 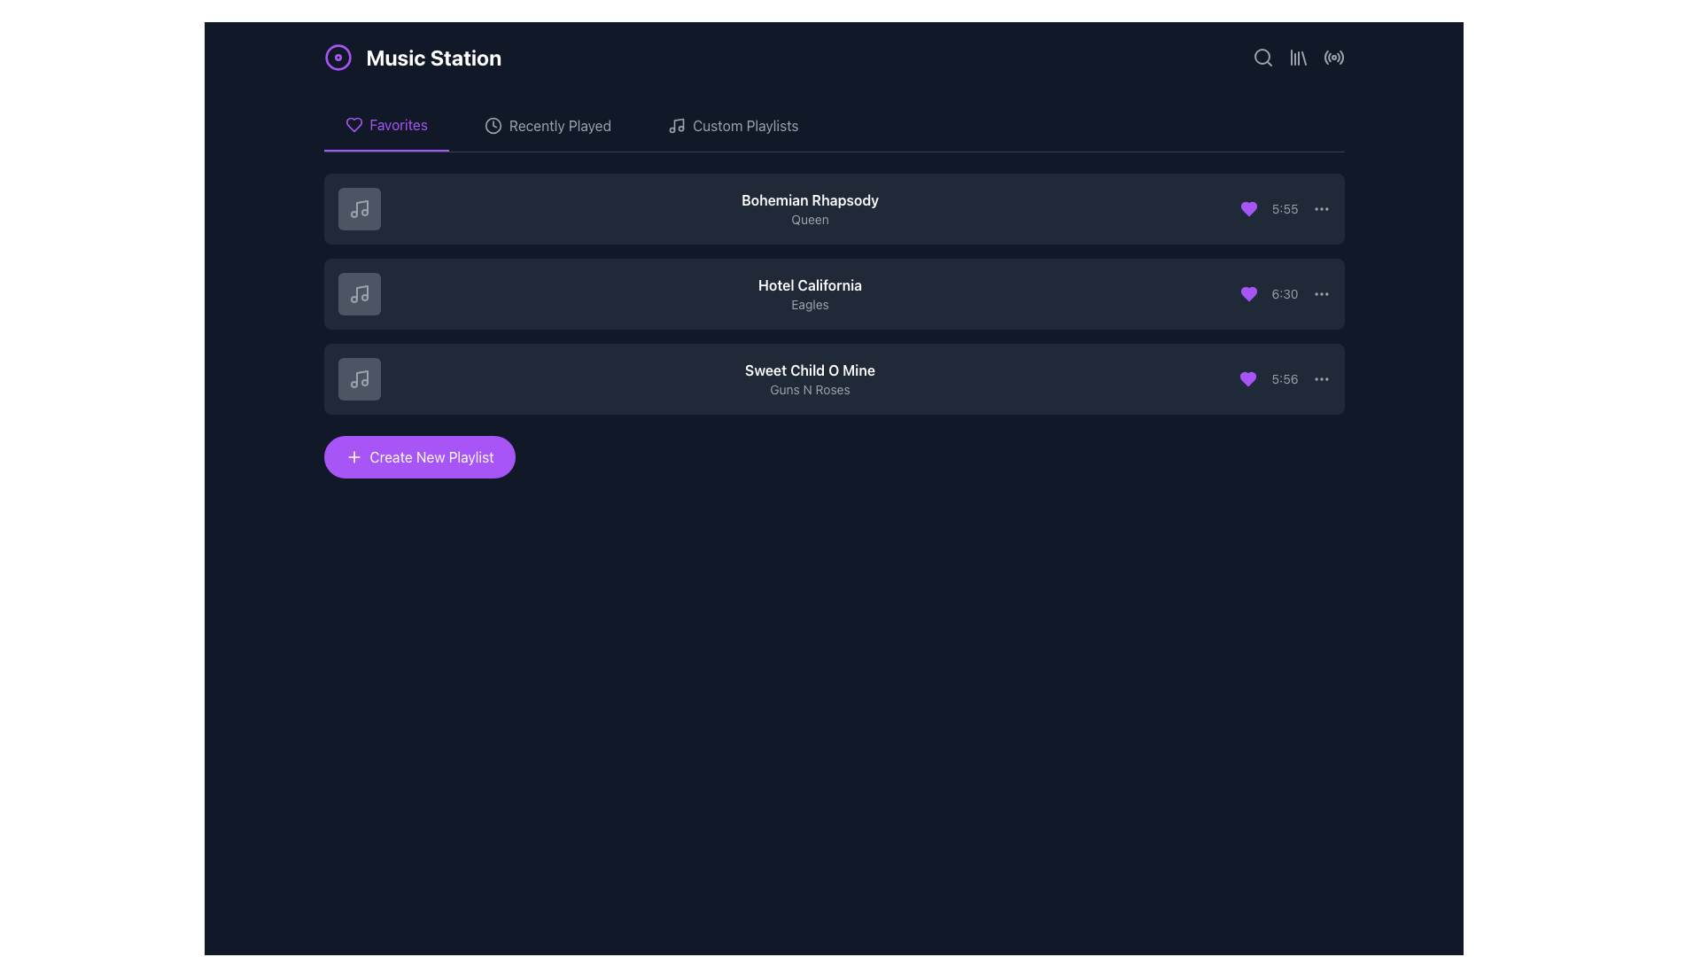 What do you see at coordinates (733, 125) in the screenshot?
I see `the 'Custom Playlists' button` at bounding box center [733, 125].